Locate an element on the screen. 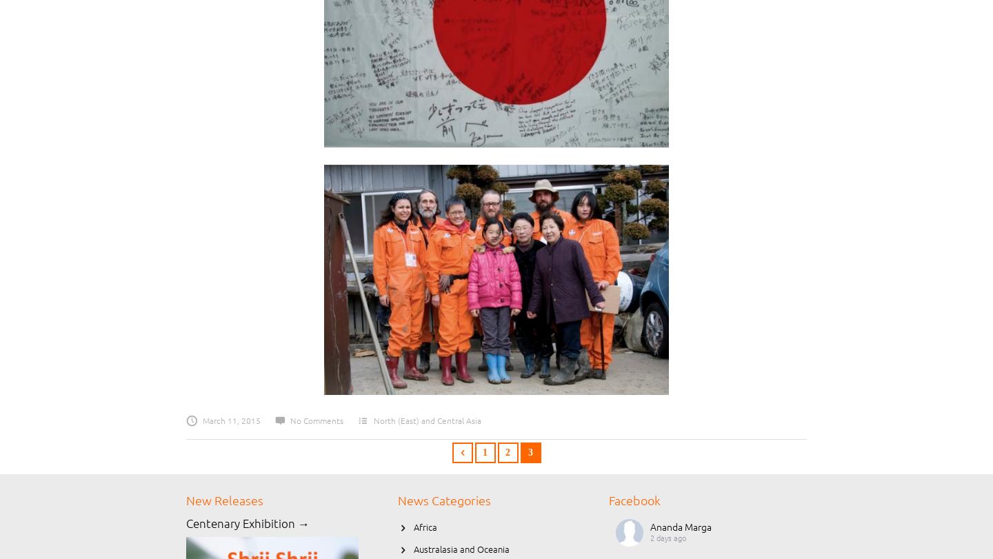 The width and height of the screenshot is (993, 559). 'North (East) and Central Asia' is located at coordinates (426, 420).